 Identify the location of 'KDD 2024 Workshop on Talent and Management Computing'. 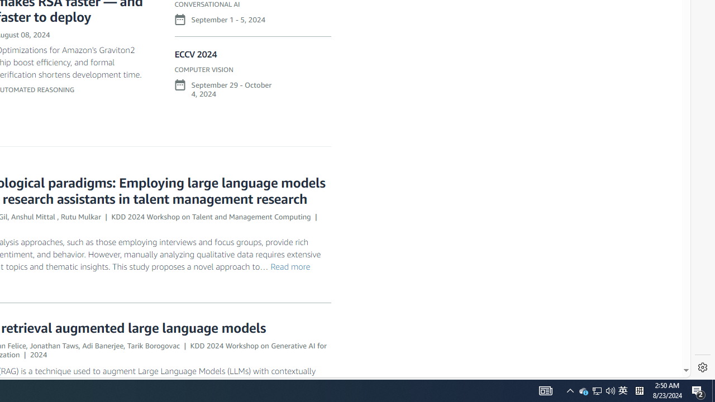
(211, 216).